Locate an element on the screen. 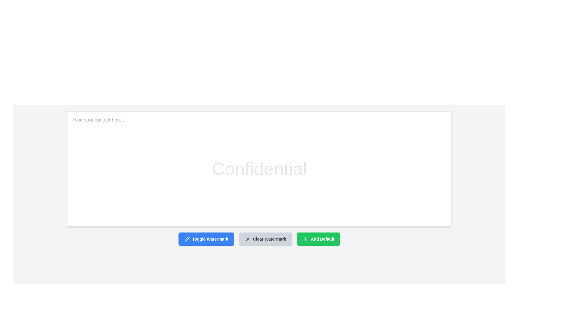 This screenshot has width=576, height=324. the blue 'Toggle Watermark' button with rounded corners located centrally towards the bottom of the interface is located at coordinates (206, 239).